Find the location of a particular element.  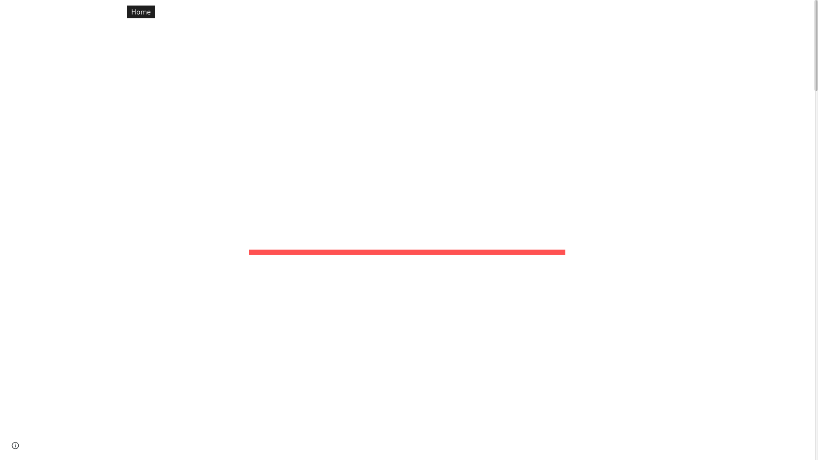

'Retirement' is located at coordinates (334, 11).